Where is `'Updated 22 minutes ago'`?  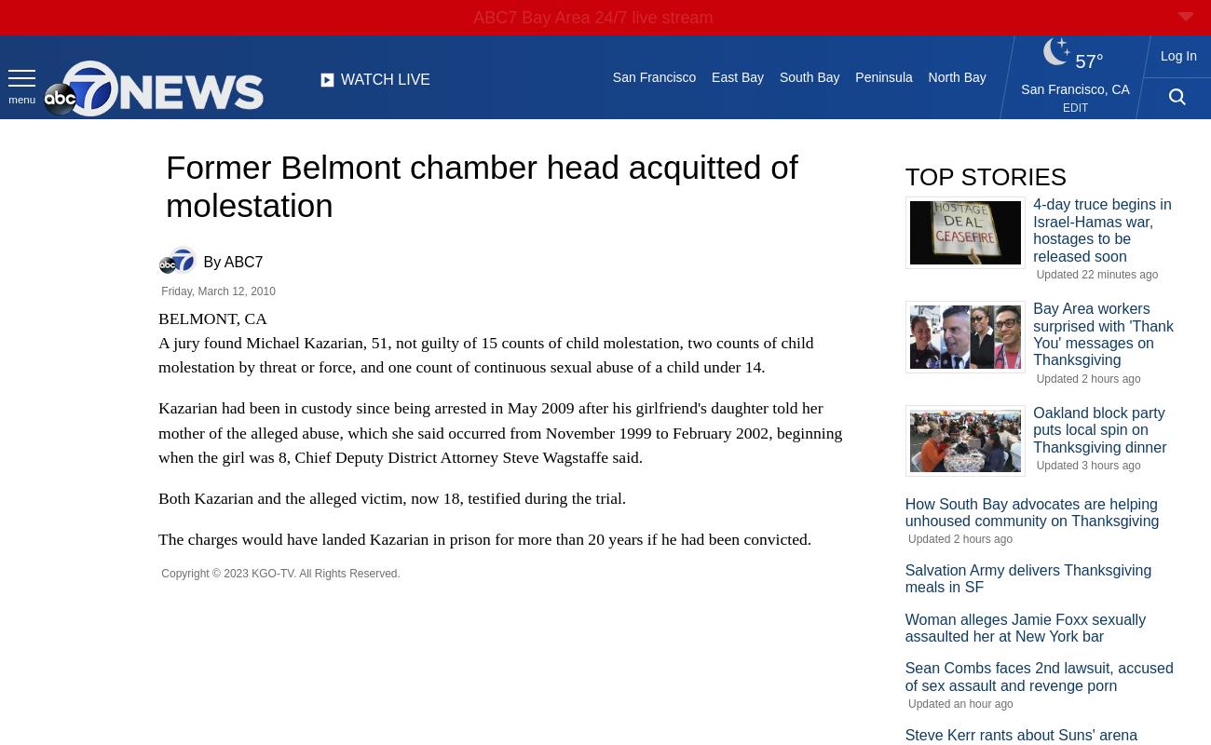 'Updated 22 minutes ago' is located at coordinates (1096, 275).